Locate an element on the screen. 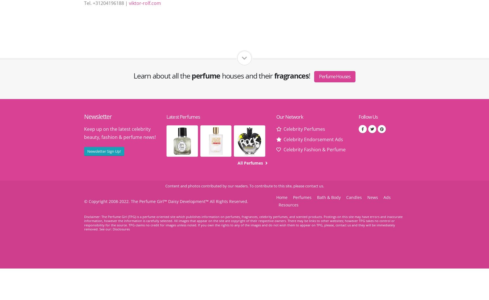 The height and width of the screenshot is (300, 489). 'Candles' is located at coordinates (354, 197).